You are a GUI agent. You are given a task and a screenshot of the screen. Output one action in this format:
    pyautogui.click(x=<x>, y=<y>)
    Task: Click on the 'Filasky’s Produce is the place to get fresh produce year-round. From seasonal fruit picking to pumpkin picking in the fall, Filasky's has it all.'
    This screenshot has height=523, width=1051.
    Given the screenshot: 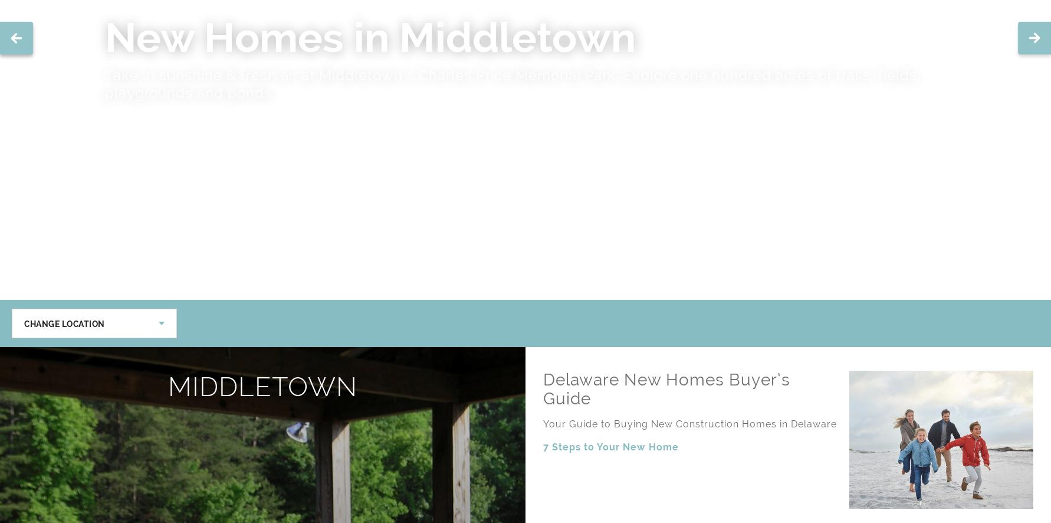 What is the action you would take?
    pyautogui.click(x=513, y=83)
    